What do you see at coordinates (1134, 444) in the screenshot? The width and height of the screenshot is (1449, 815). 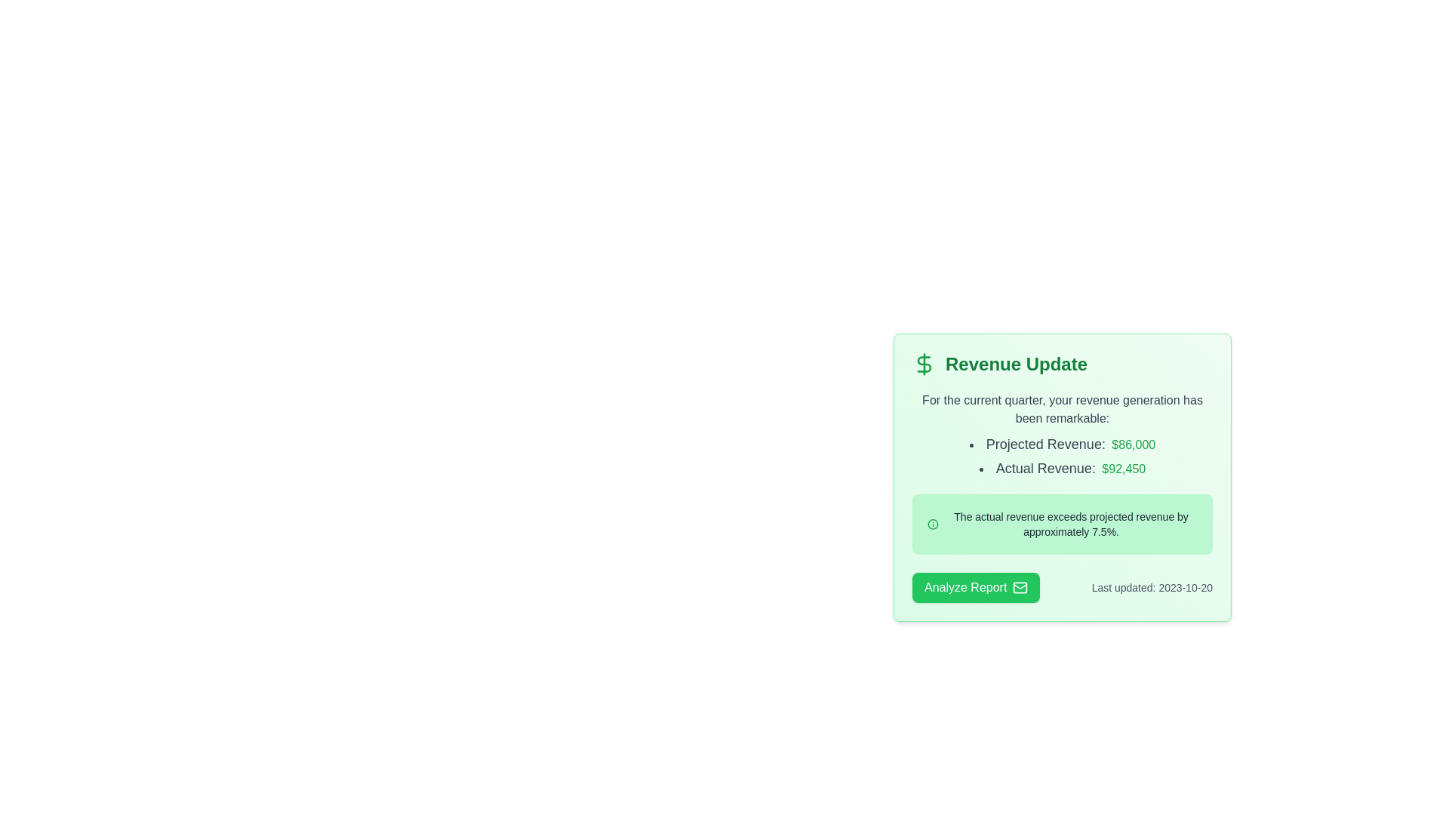 I see `the green Text Label displaying the monetary value '$86,000', which is adjacent to the label 'Projected Revenue:' in a bulleted list` at bounding box center [1134, 444].